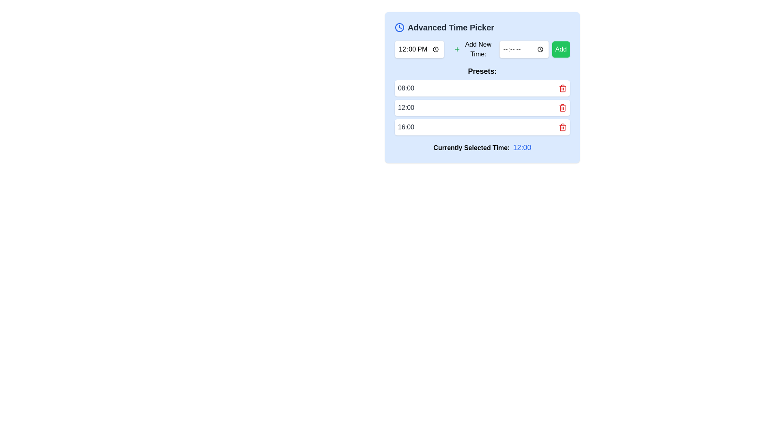  I want to click on the static text representing a preset time in the time picker interface, which is positioned centrally above '16:00' and below '08:00', so click(406, 107).